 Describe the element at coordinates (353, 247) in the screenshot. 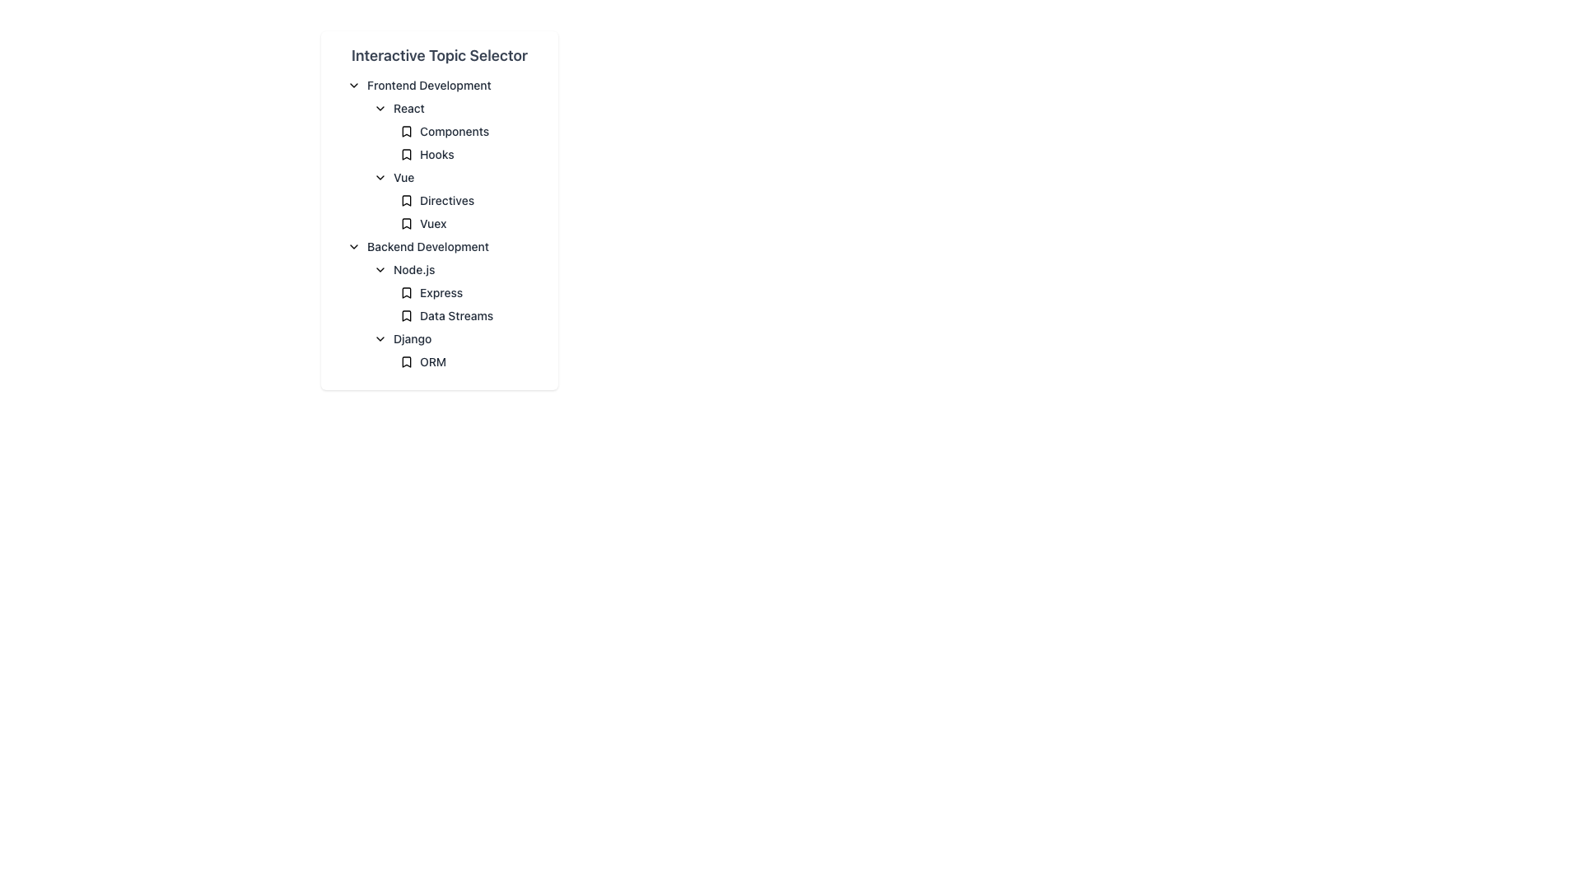

I see `the collapsible button` at that location.